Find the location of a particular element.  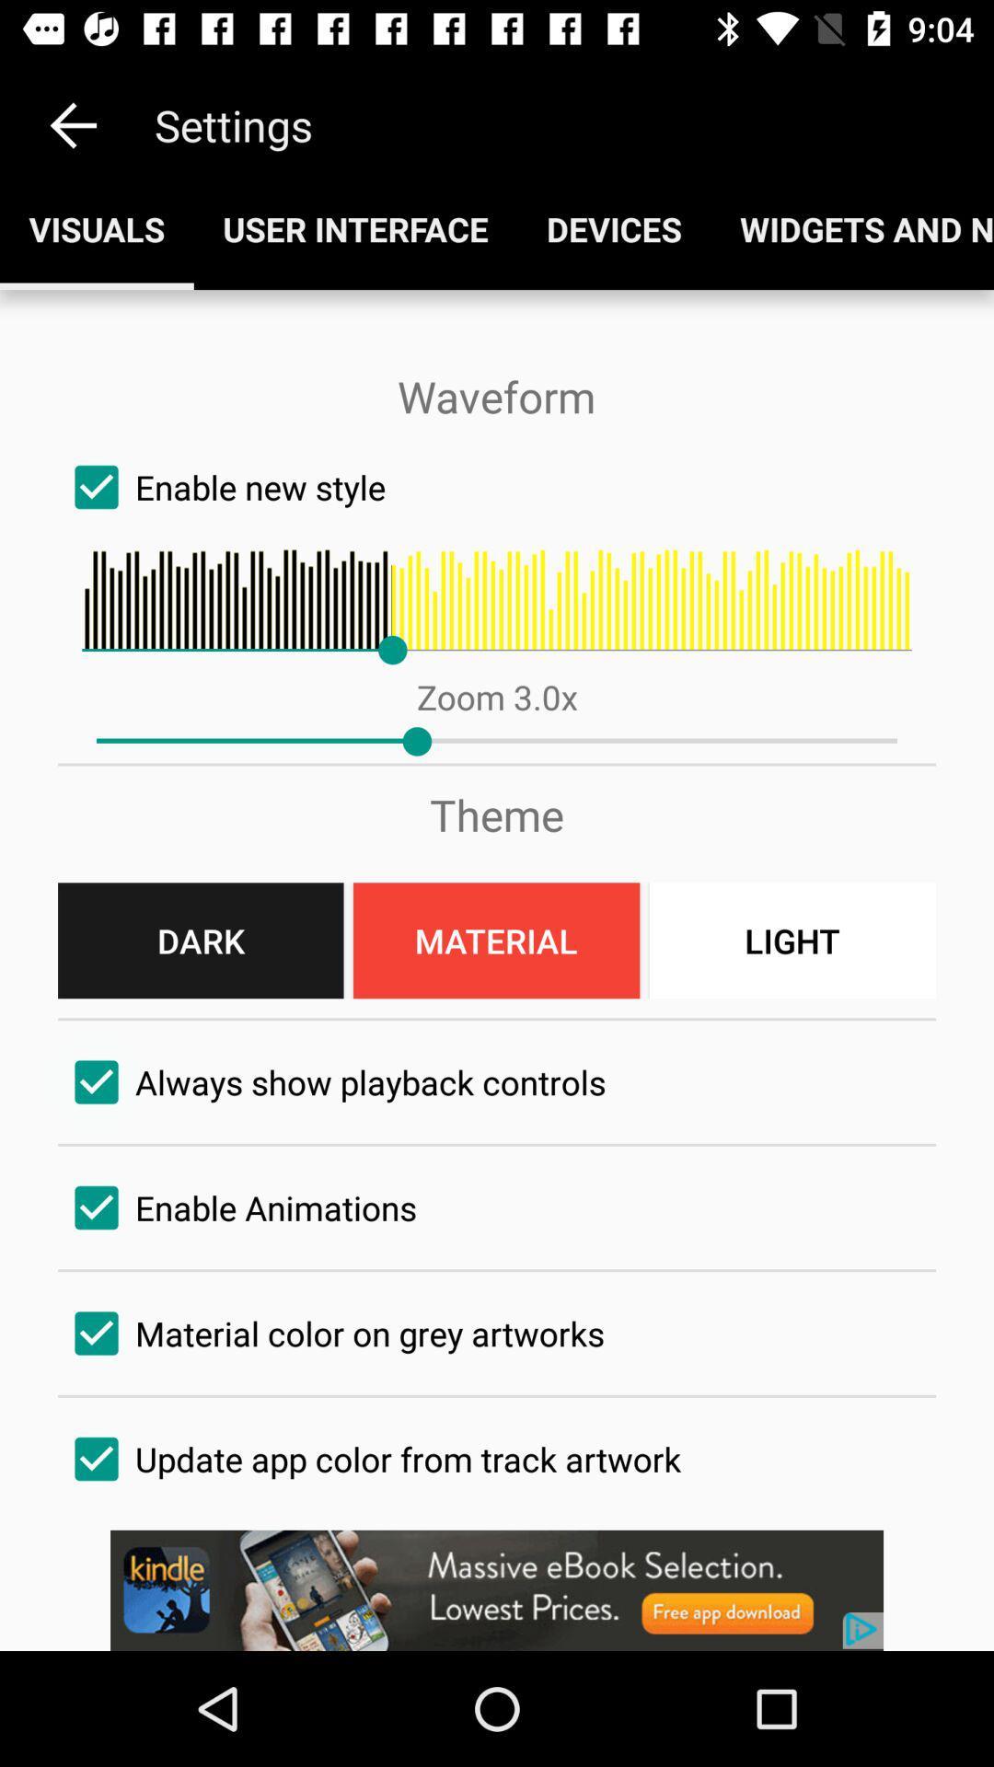

the button left of material is located at coordinates (201, 941).